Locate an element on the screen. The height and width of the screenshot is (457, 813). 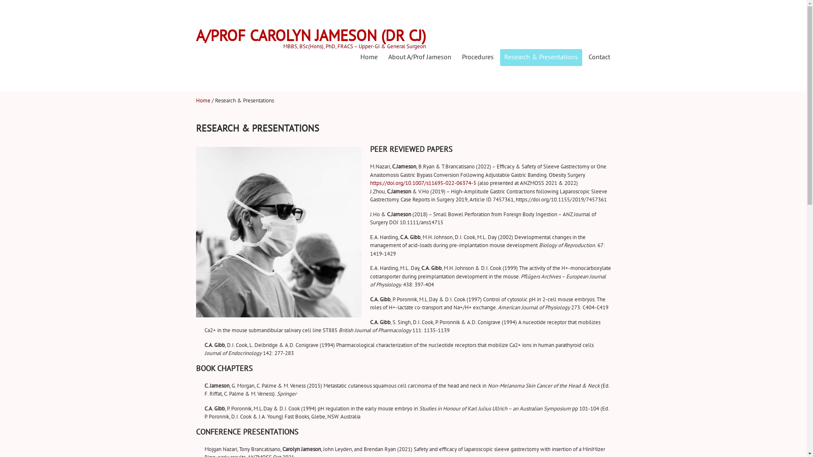
'Contact' is located at coordinates (599, 57).